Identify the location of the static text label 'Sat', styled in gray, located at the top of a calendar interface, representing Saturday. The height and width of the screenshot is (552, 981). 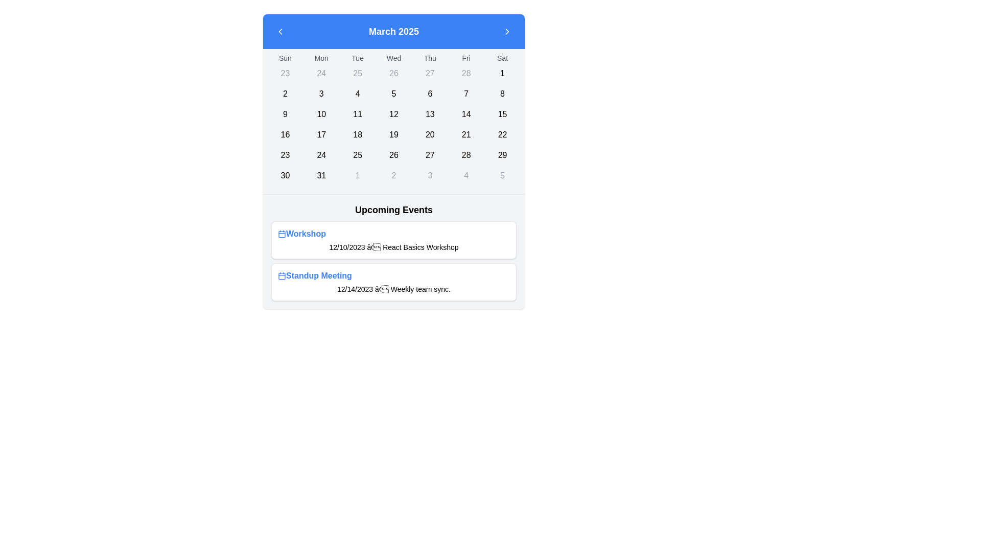
(502, 58).